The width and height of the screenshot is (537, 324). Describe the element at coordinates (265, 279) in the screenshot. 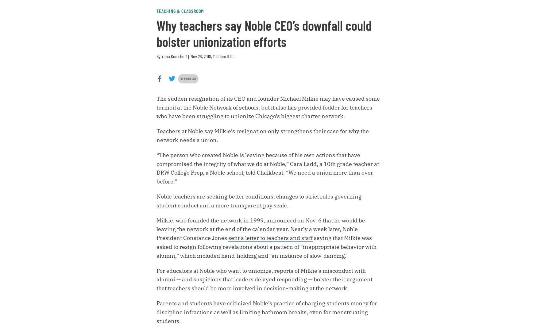

I see `'For educators at Noble who want to unionize, reports of Milkie’s misconduct with alumni — and suspicions that leaders delayed responding — bolster their argument that teachers should be more involved in decision-making at the network.'` at that location.